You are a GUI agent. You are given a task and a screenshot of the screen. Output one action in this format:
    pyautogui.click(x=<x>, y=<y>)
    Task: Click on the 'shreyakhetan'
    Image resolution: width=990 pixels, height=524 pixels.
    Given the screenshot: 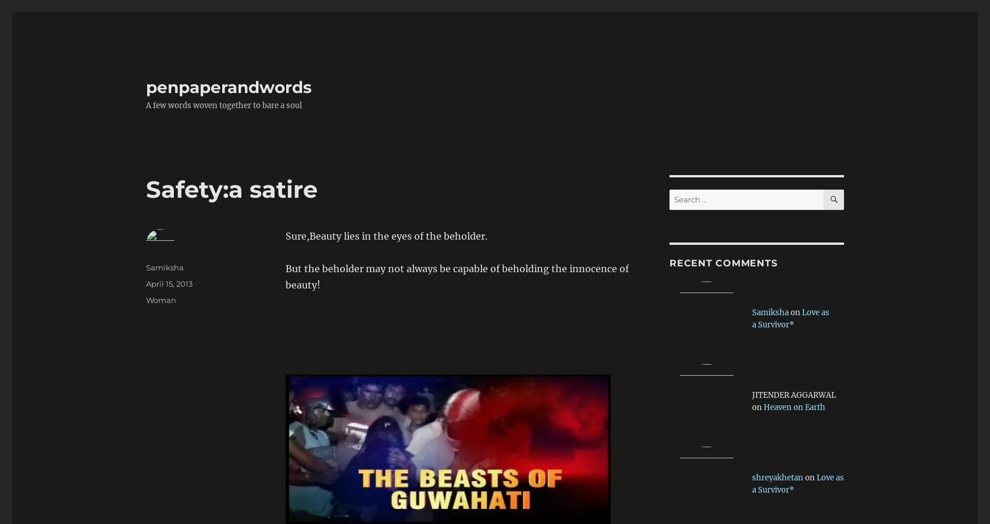 What is the action you would take?
    pyautogui.click(x=777, y=477)
    